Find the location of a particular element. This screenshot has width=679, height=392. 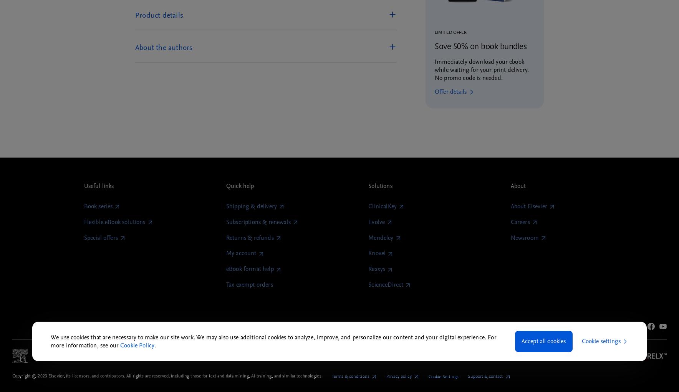

'My account' is located at coordinates (240, 253).